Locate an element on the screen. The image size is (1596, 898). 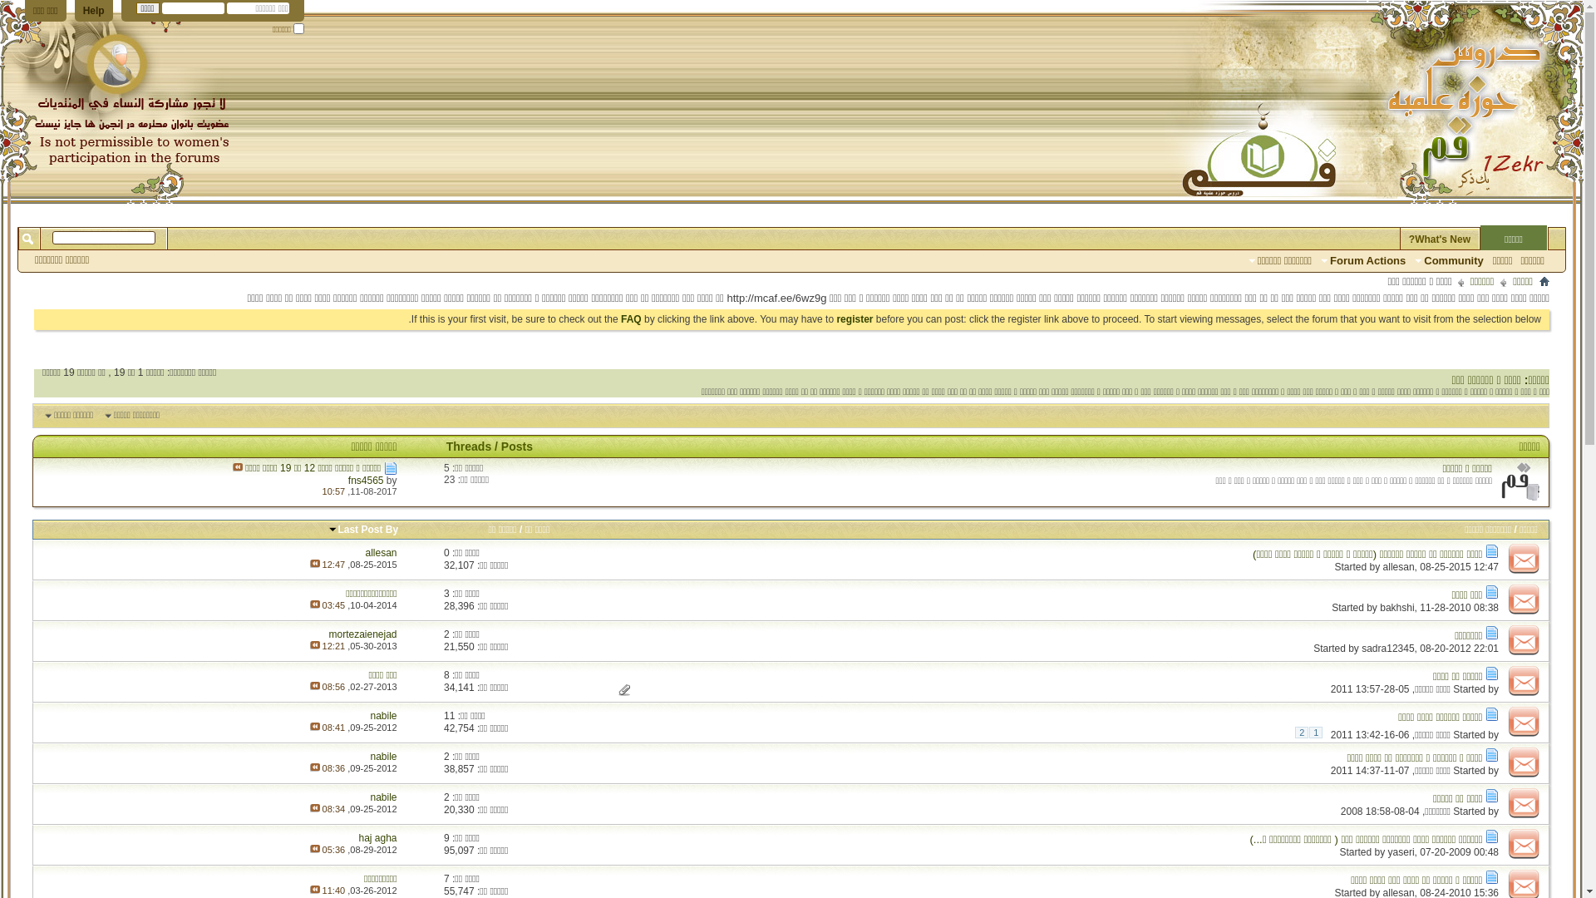
'Last Post By' is located at coordinates (362, 529).